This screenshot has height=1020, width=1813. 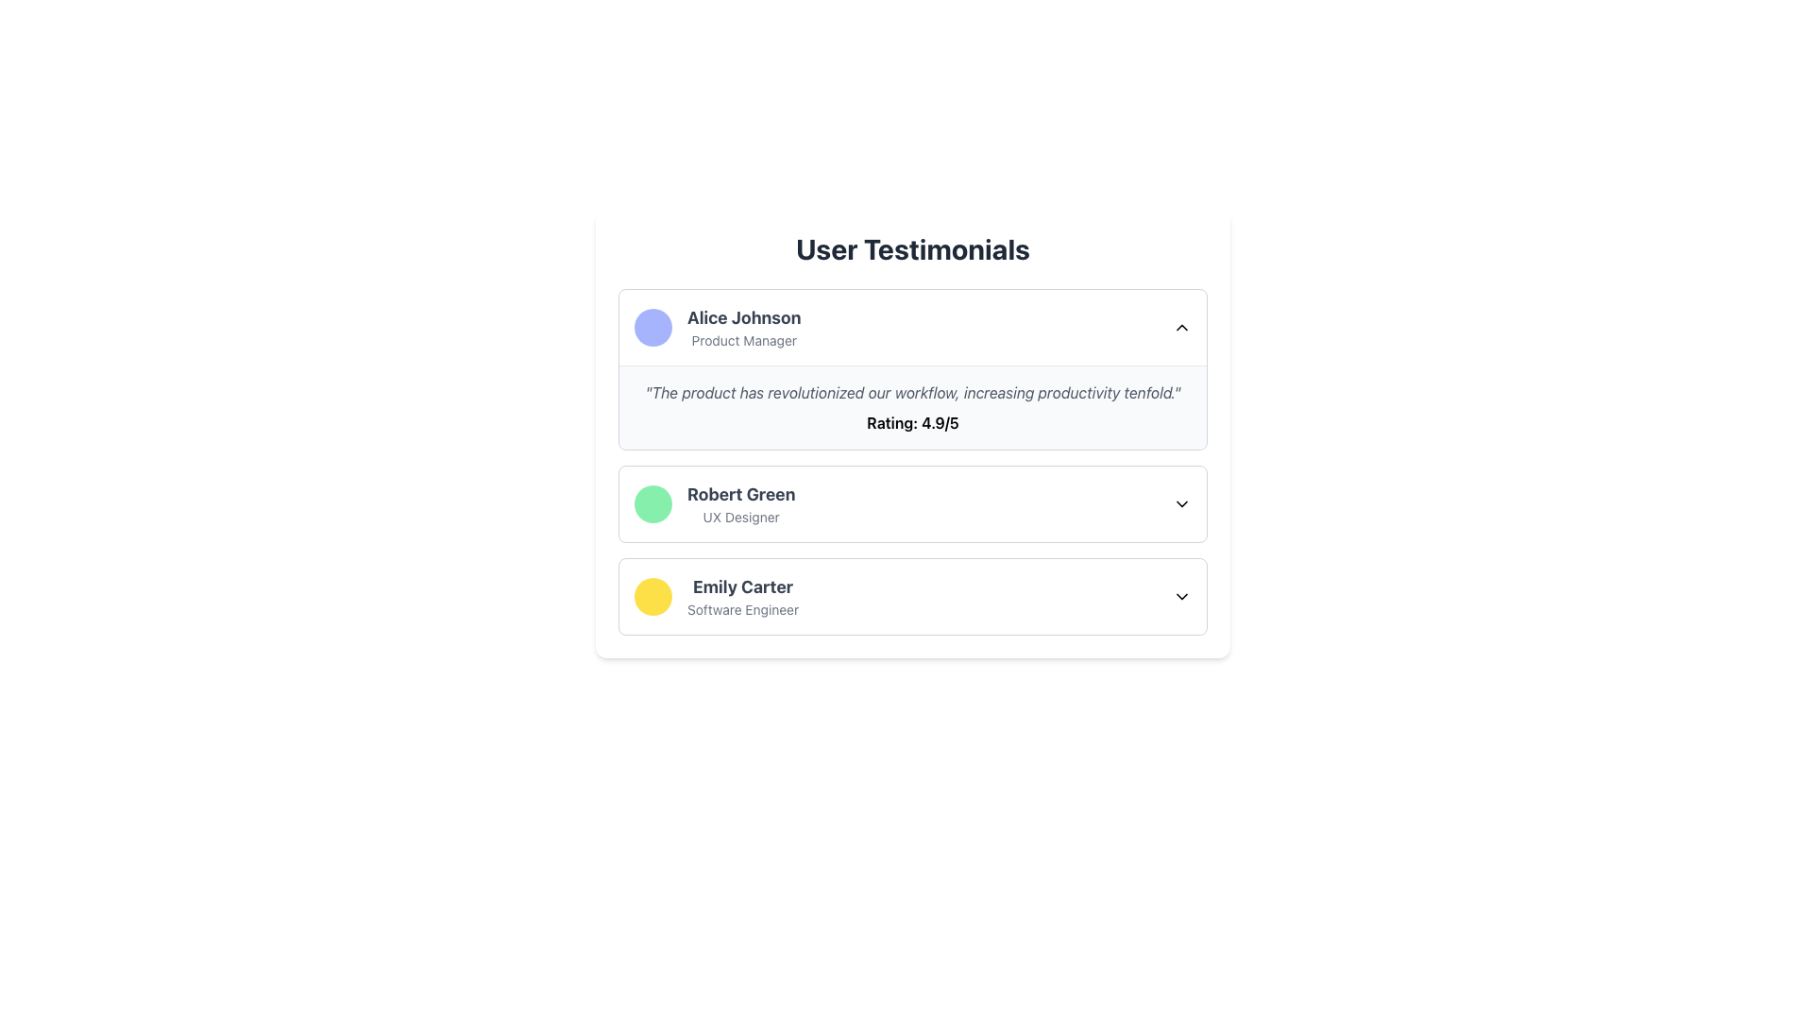 I want to click on the chevron icon at the far-right end of the 'Alice Johnson - Product Manager' section, so click(x=1181, y=327).